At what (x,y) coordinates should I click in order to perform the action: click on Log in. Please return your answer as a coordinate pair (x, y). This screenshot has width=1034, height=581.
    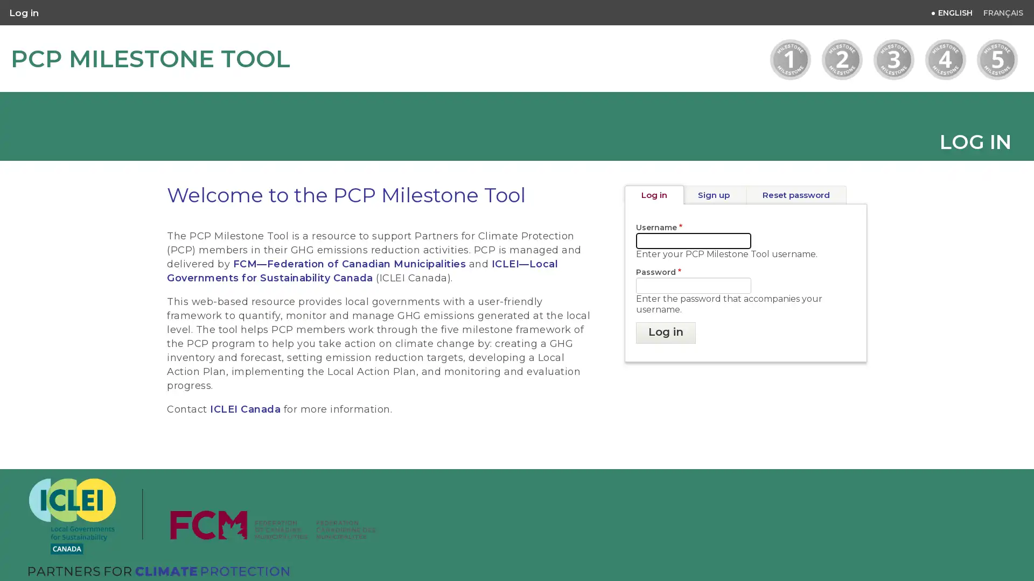
    Looking at the image, I should click on (665, 332).